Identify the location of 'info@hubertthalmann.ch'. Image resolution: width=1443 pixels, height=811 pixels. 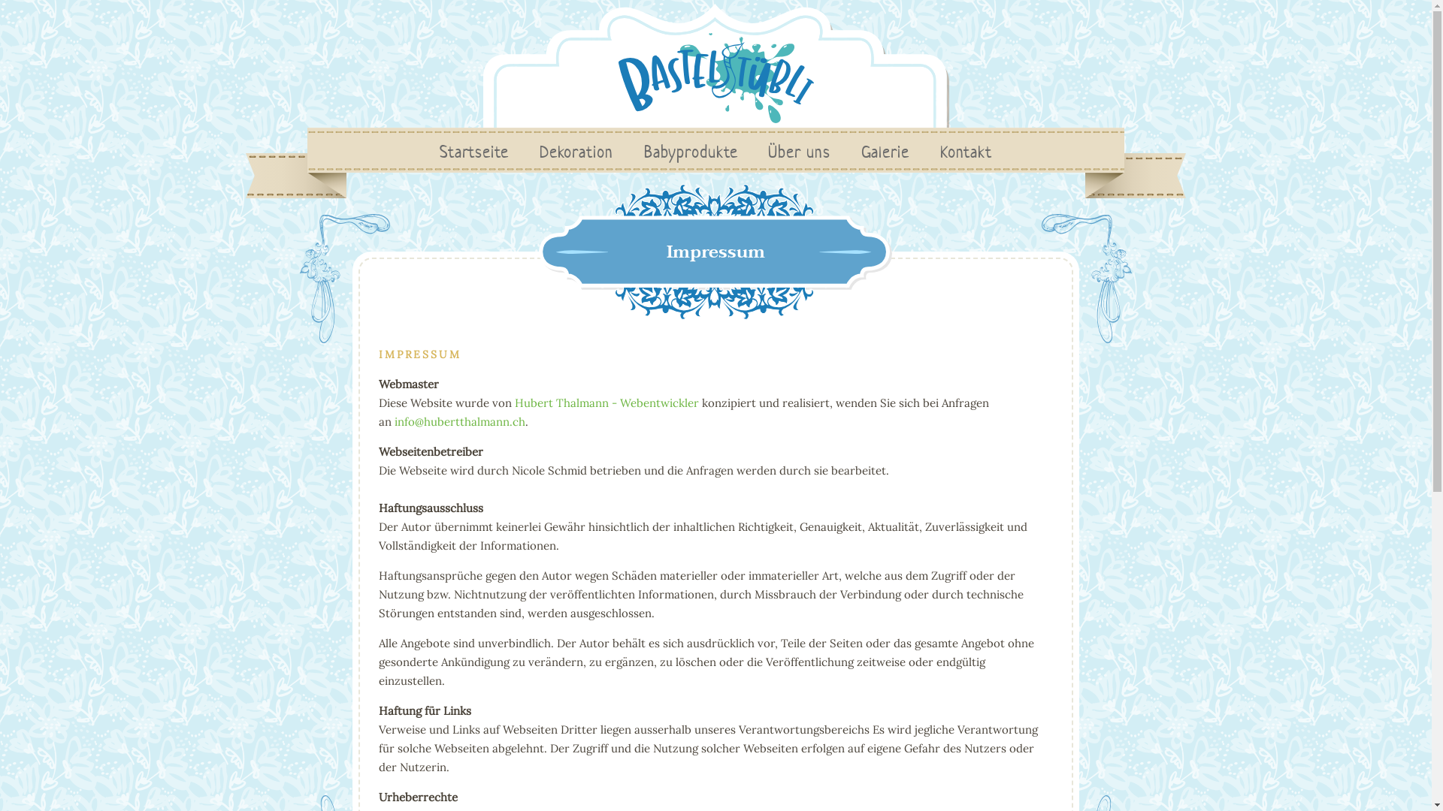
(458, 421).